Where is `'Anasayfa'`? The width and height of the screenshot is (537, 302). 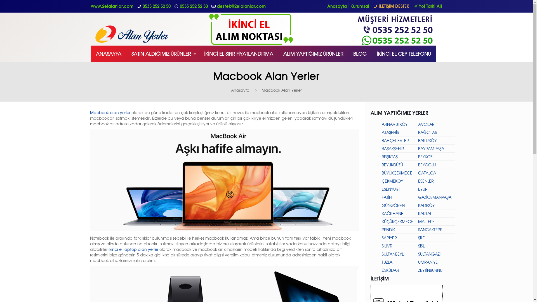
'Anasayfa' is located at coordinates (336, 6).